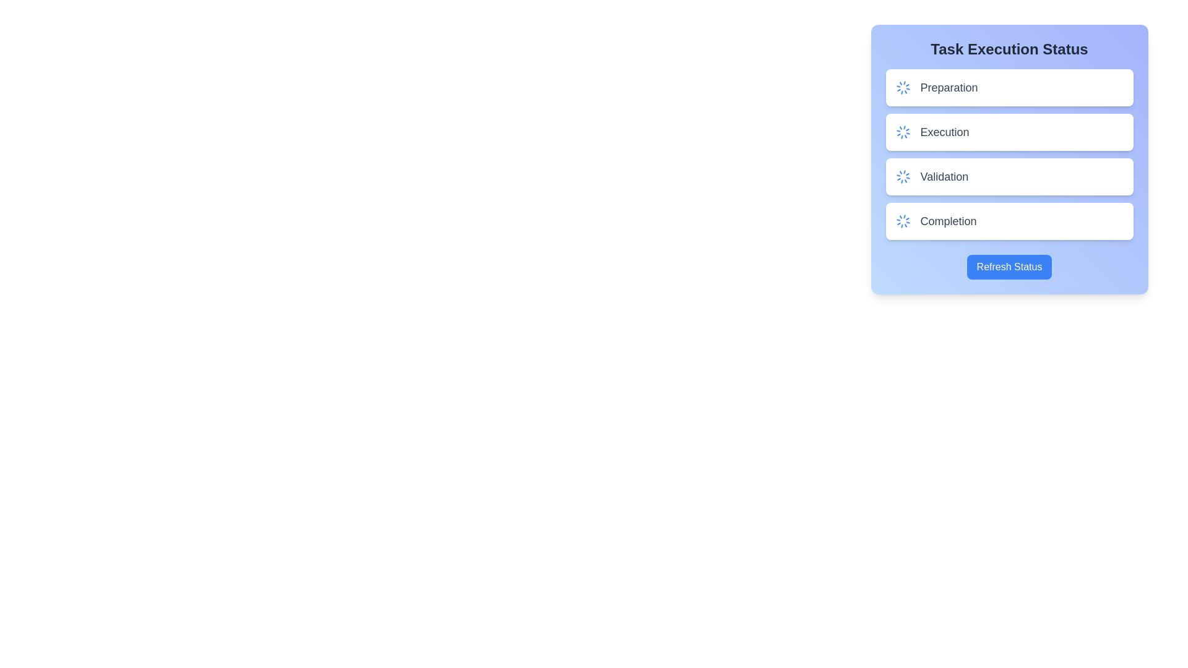 The image size is (1188, 668). I want to click on the blue 'Refresh Status' button with white text, located at the bottom of the 'Task Execution Status' panel, to change its shade, so click(1009, 267).